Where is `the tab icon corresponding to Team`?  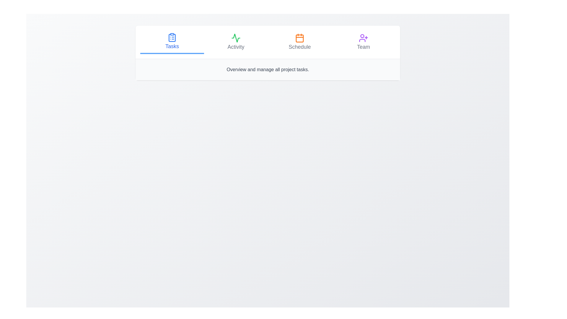
the tab icon corresponding to Team is located at coordinates (363, 38).